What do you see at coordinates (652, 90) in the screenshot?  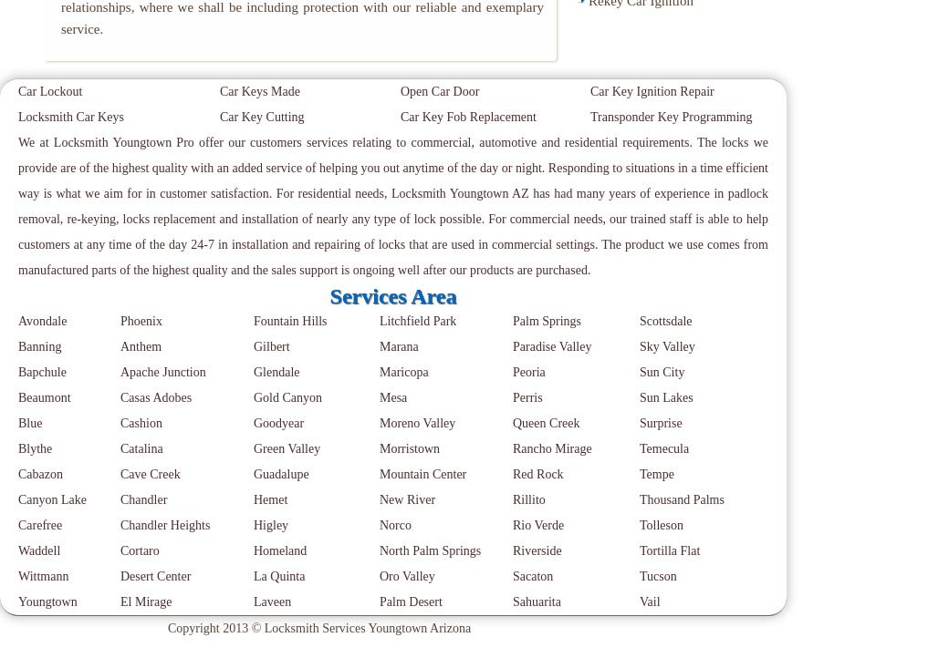 I see `'Car Key Ignition Repair'` at bounding box center [652, 90].